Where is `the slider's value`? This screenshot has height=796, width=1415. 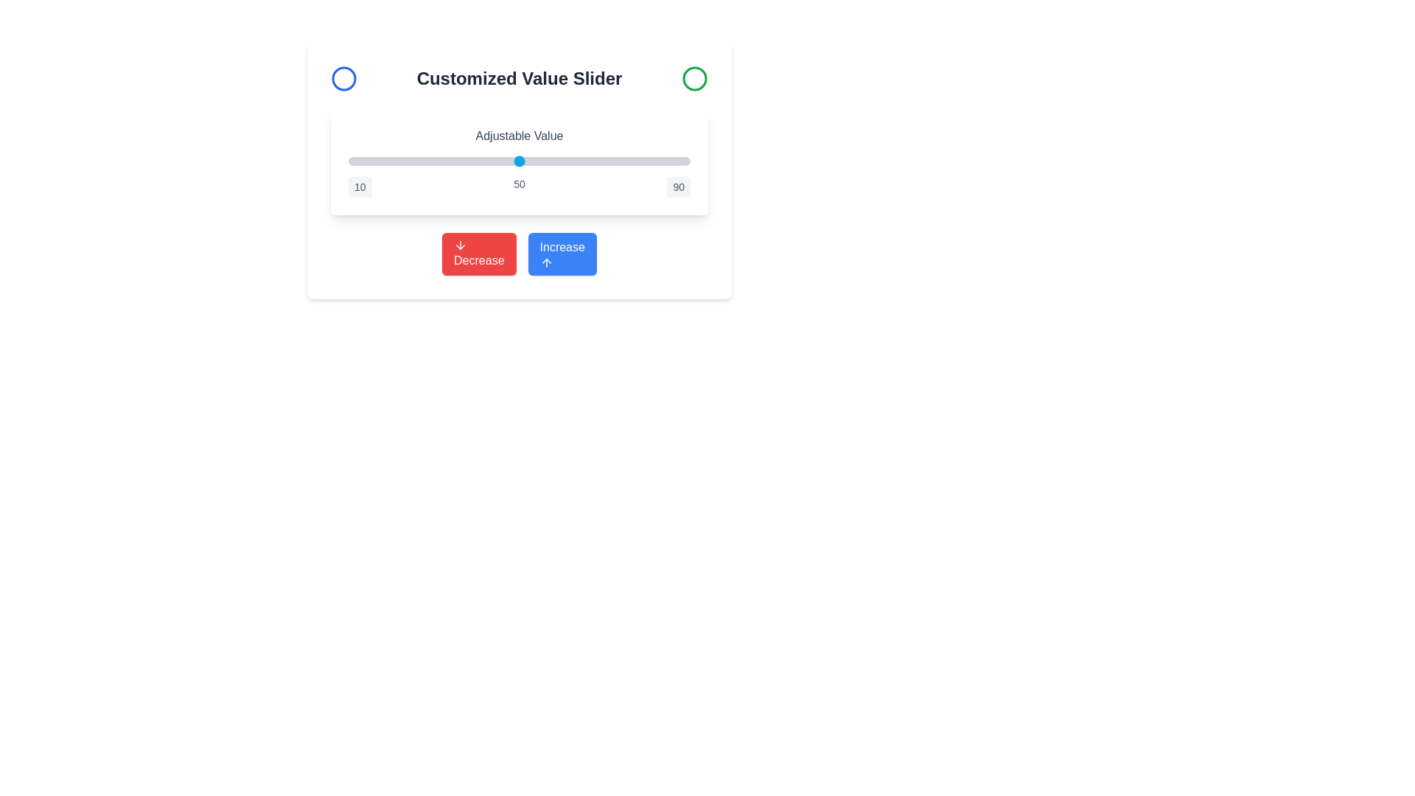 the slider's value is located at coordinates (463, 161).